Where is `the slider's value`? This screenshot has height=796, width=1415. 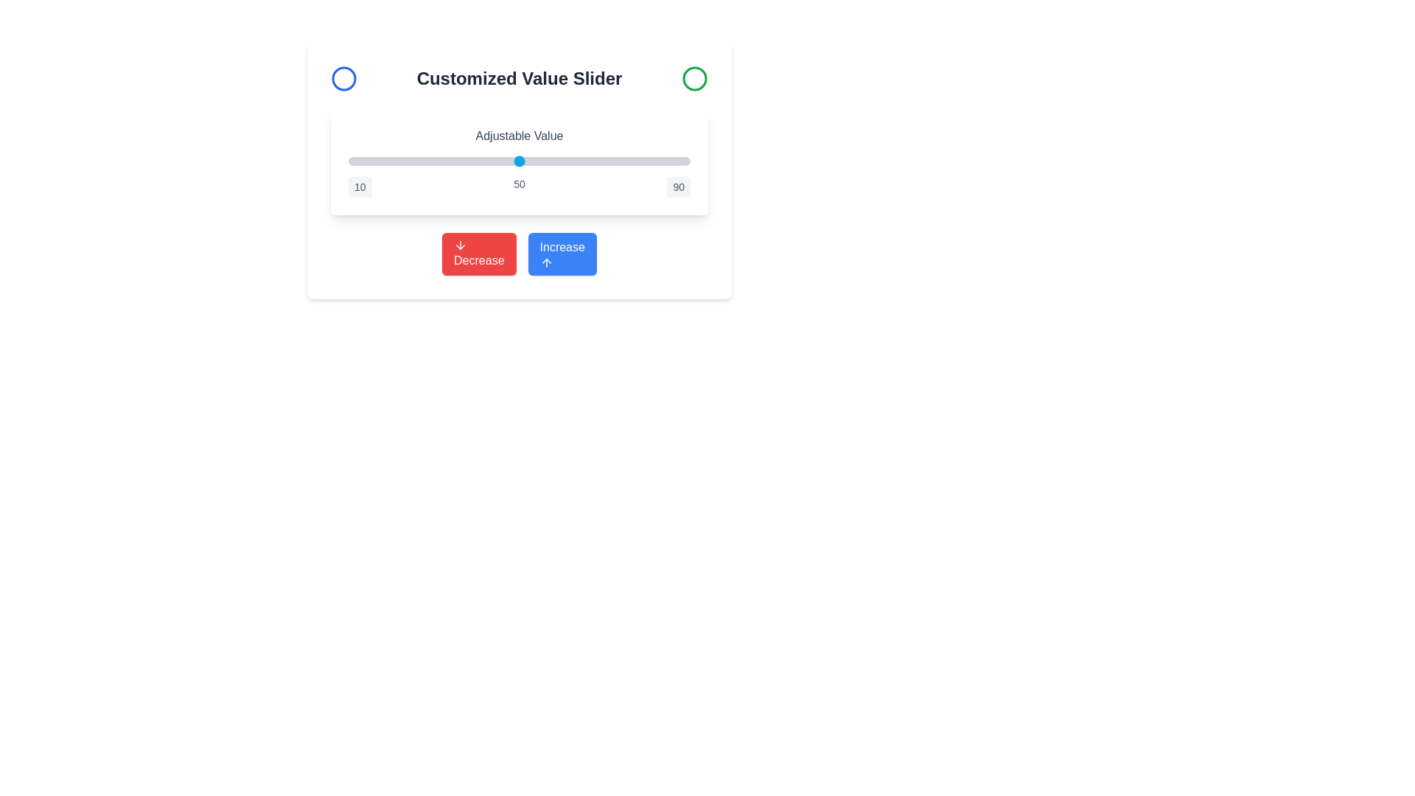 the slider's value is located at coordinates (463, 161).